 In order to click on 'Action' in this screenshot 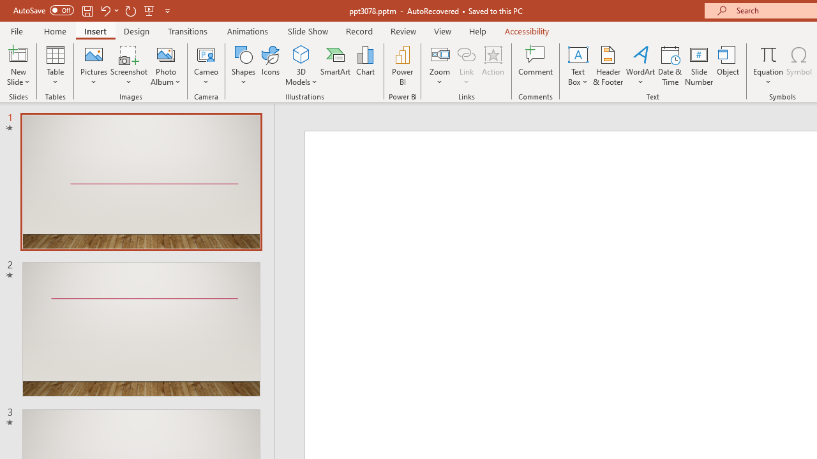, I will do `click(493, 66)`.